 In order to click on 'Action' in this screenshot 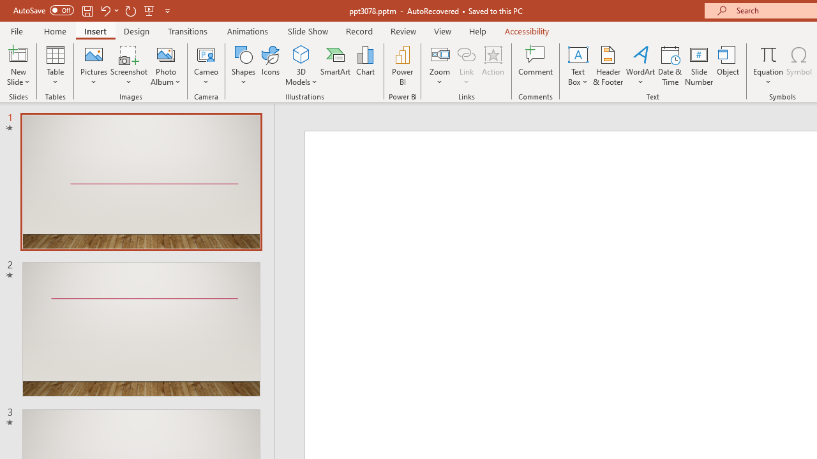, I will do `click(493, 66)`.